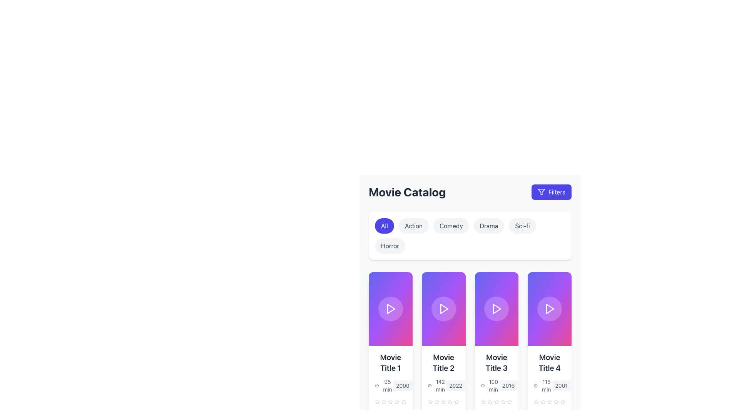  What do you see at coordinates (456, 385) in the screenshot?
I see `text '2022' from the text box located beneath 'Movie Title 2' in the card layout` at bounding box center [456, 385].